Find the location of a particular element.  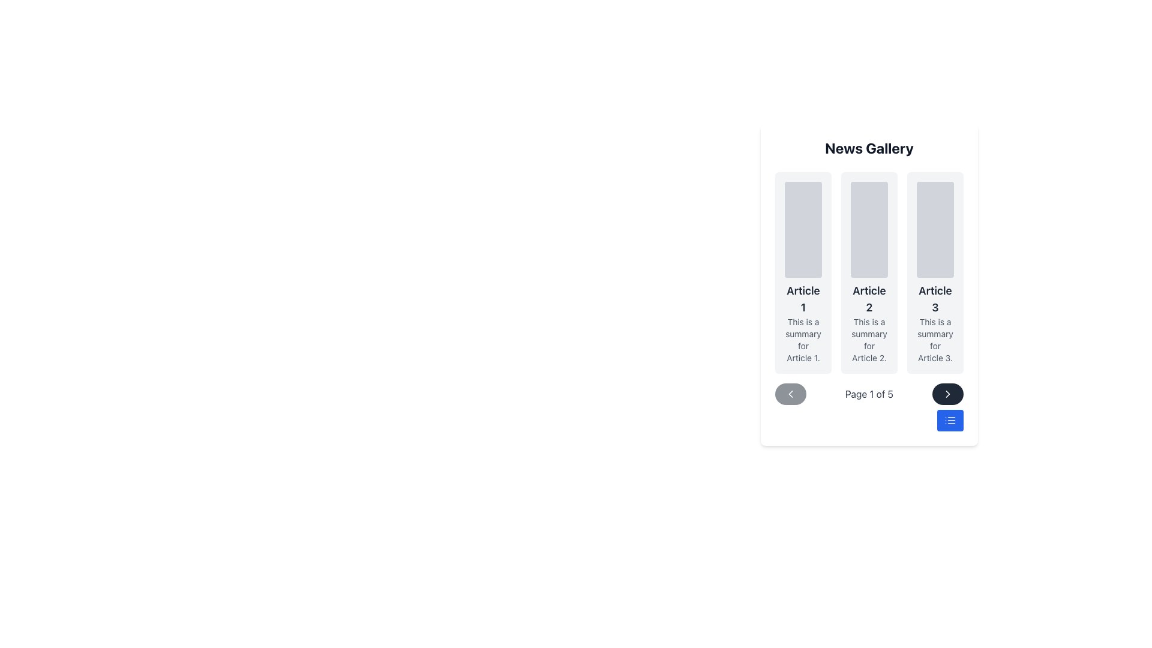

the right-pointing chevron-shaped arrow icon in the bottom right corner of the 'News Gallery' section to move to the next page is located at coordinates (947, 394).